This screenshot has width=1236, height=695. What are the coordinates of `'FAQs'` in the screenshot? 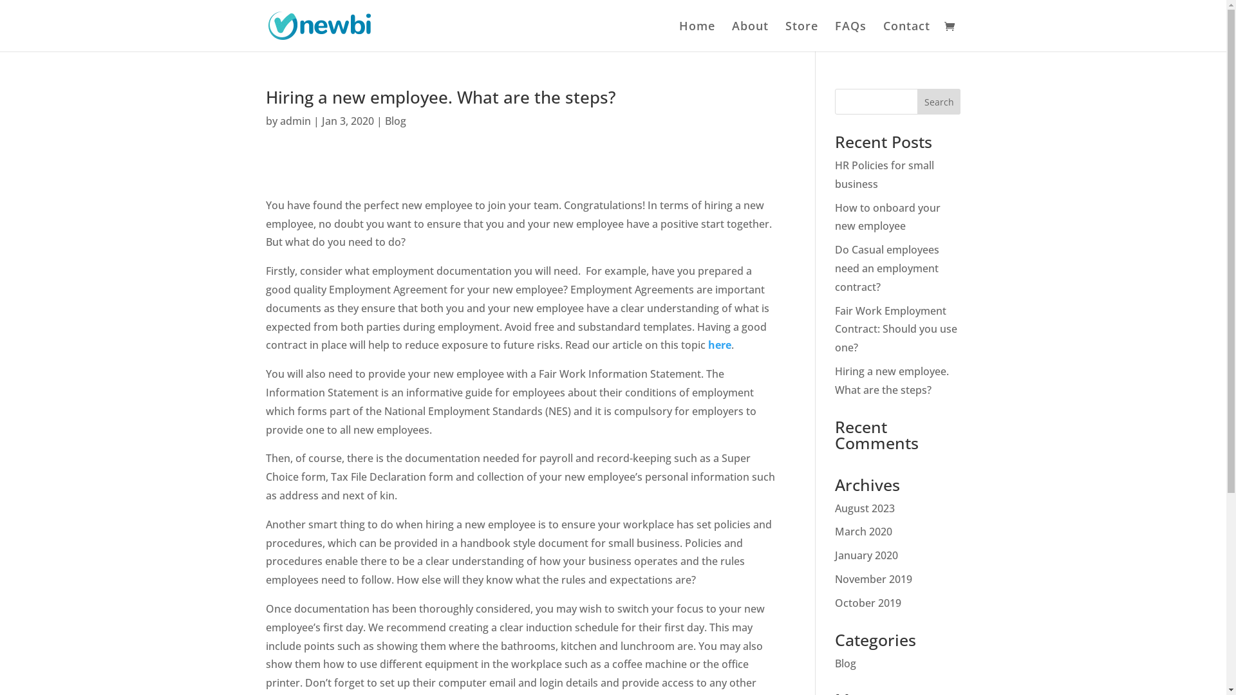 It's located at (850, 35).